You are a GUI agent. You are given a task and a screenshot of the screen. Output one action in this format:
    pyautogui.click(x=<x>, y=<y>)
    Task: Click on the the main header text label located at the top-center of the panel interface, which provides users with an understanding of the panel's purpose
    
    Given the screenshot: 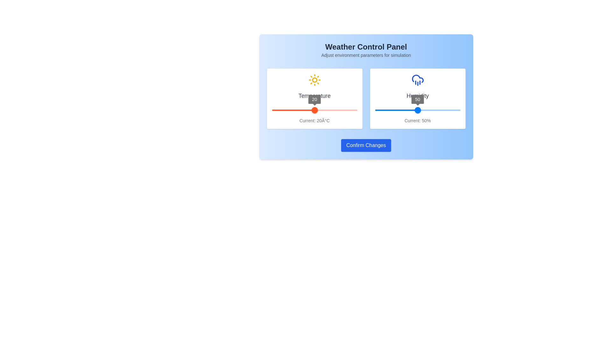 What is the action you would take?
    pyautogui.click(x=366, y=46)
    